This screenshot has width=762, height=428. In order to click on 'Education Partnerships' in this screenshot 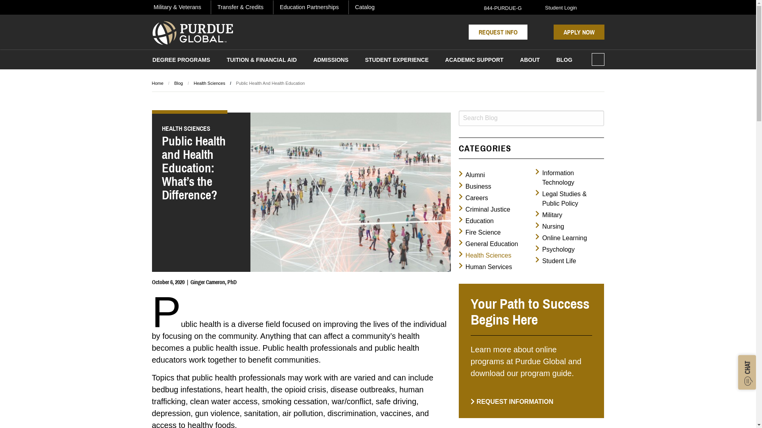, I will do `click(278, 7)`.